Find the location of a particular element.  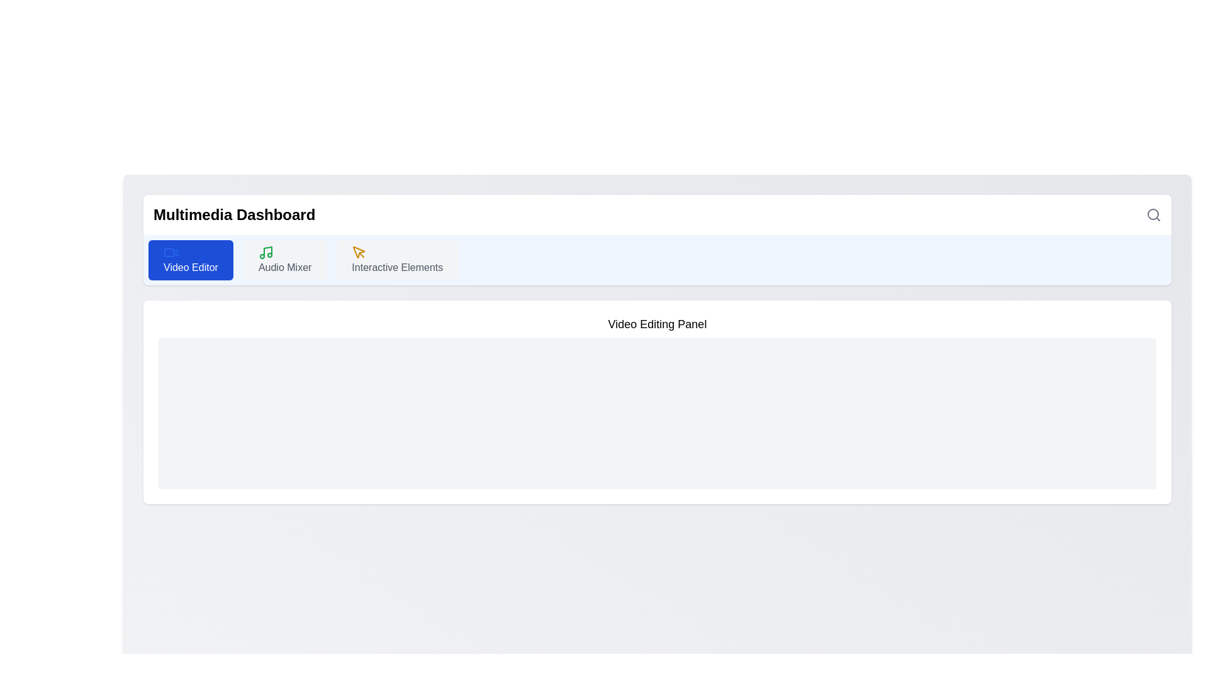

the static text label displaying 'Video Editing Panel', which is prominently located at the top center of its section is located at coordinates (657, 324).